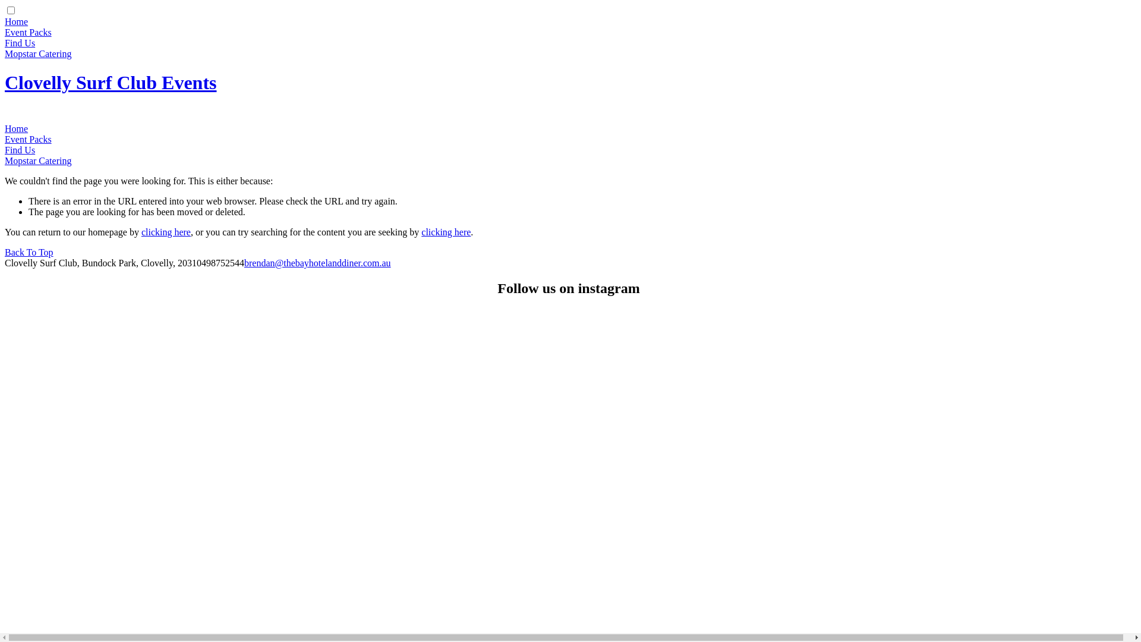  What do you see at coordinates (421, 232) in the screenshot?
I see `'clicking here'` at bounding box center [421, 232].